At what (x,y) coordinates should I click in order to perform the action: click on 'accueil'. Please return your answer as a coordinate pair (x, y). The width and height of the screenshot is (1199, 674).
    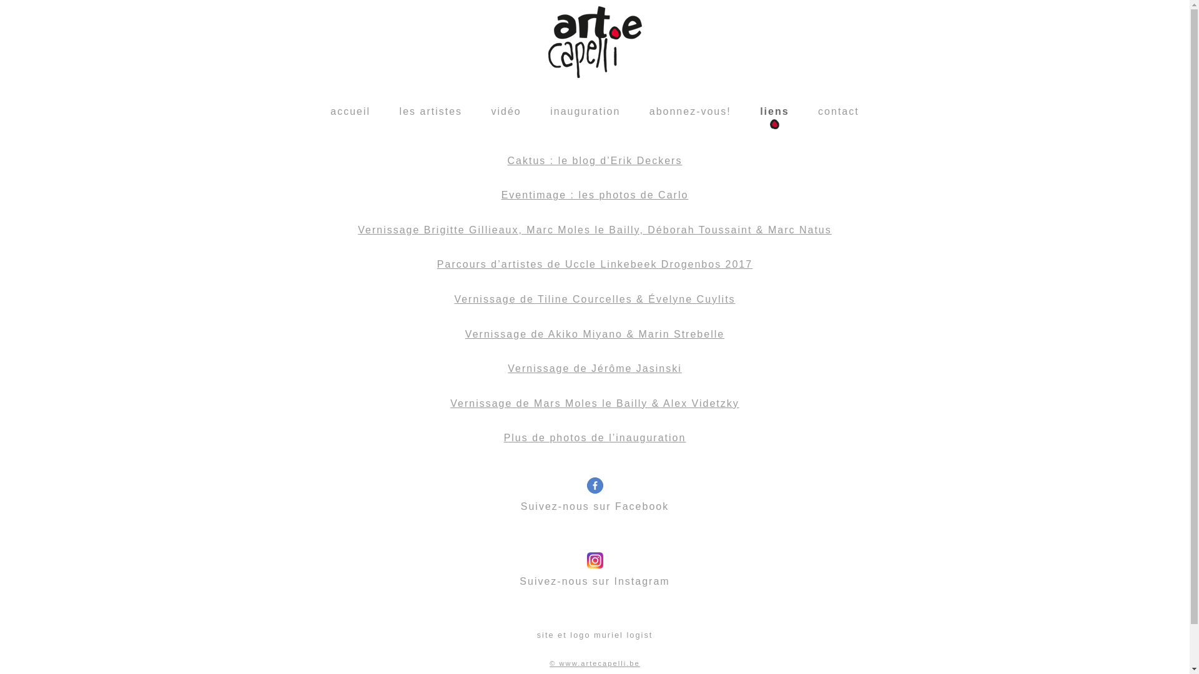
    Looking at the image, I should click on (350, 110).